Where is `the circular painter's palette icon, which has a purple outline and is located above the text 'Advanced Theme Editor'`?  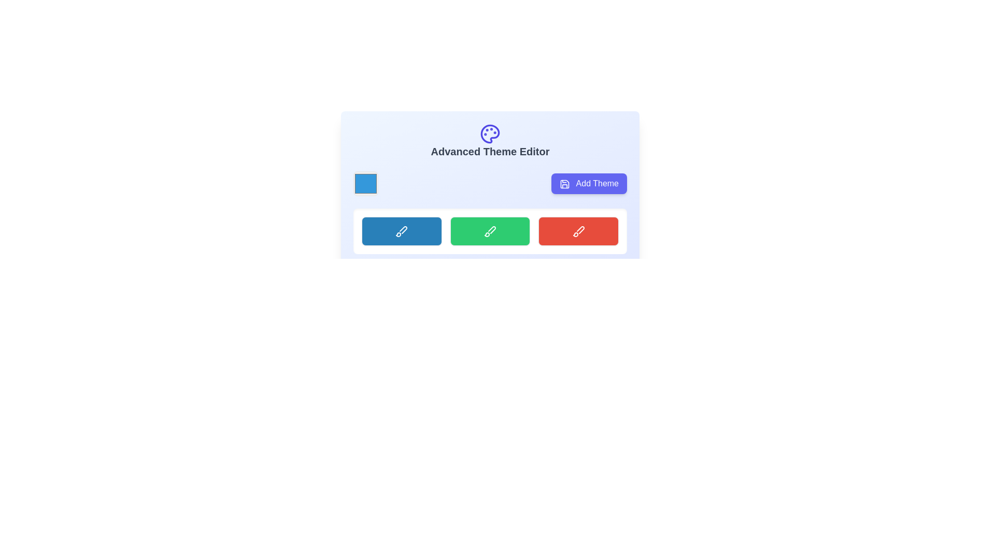
the circular painter's palette icon, which has a purple outline and is located above the text 'Advanced Theme Editor' is located at coordinates (489, 133).